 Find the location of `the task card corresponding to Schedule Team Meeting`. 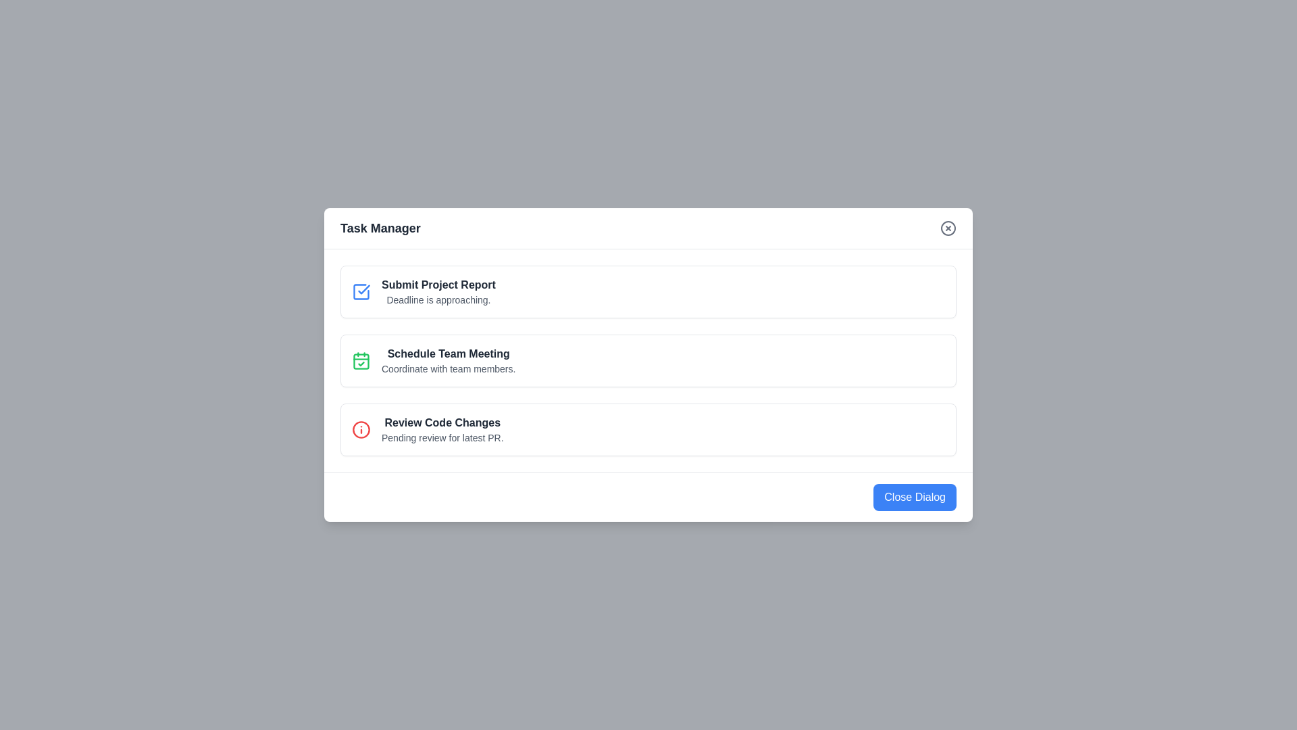

the task card corresponding to Schedule Team Meeting is located at coordinates (648, 360).